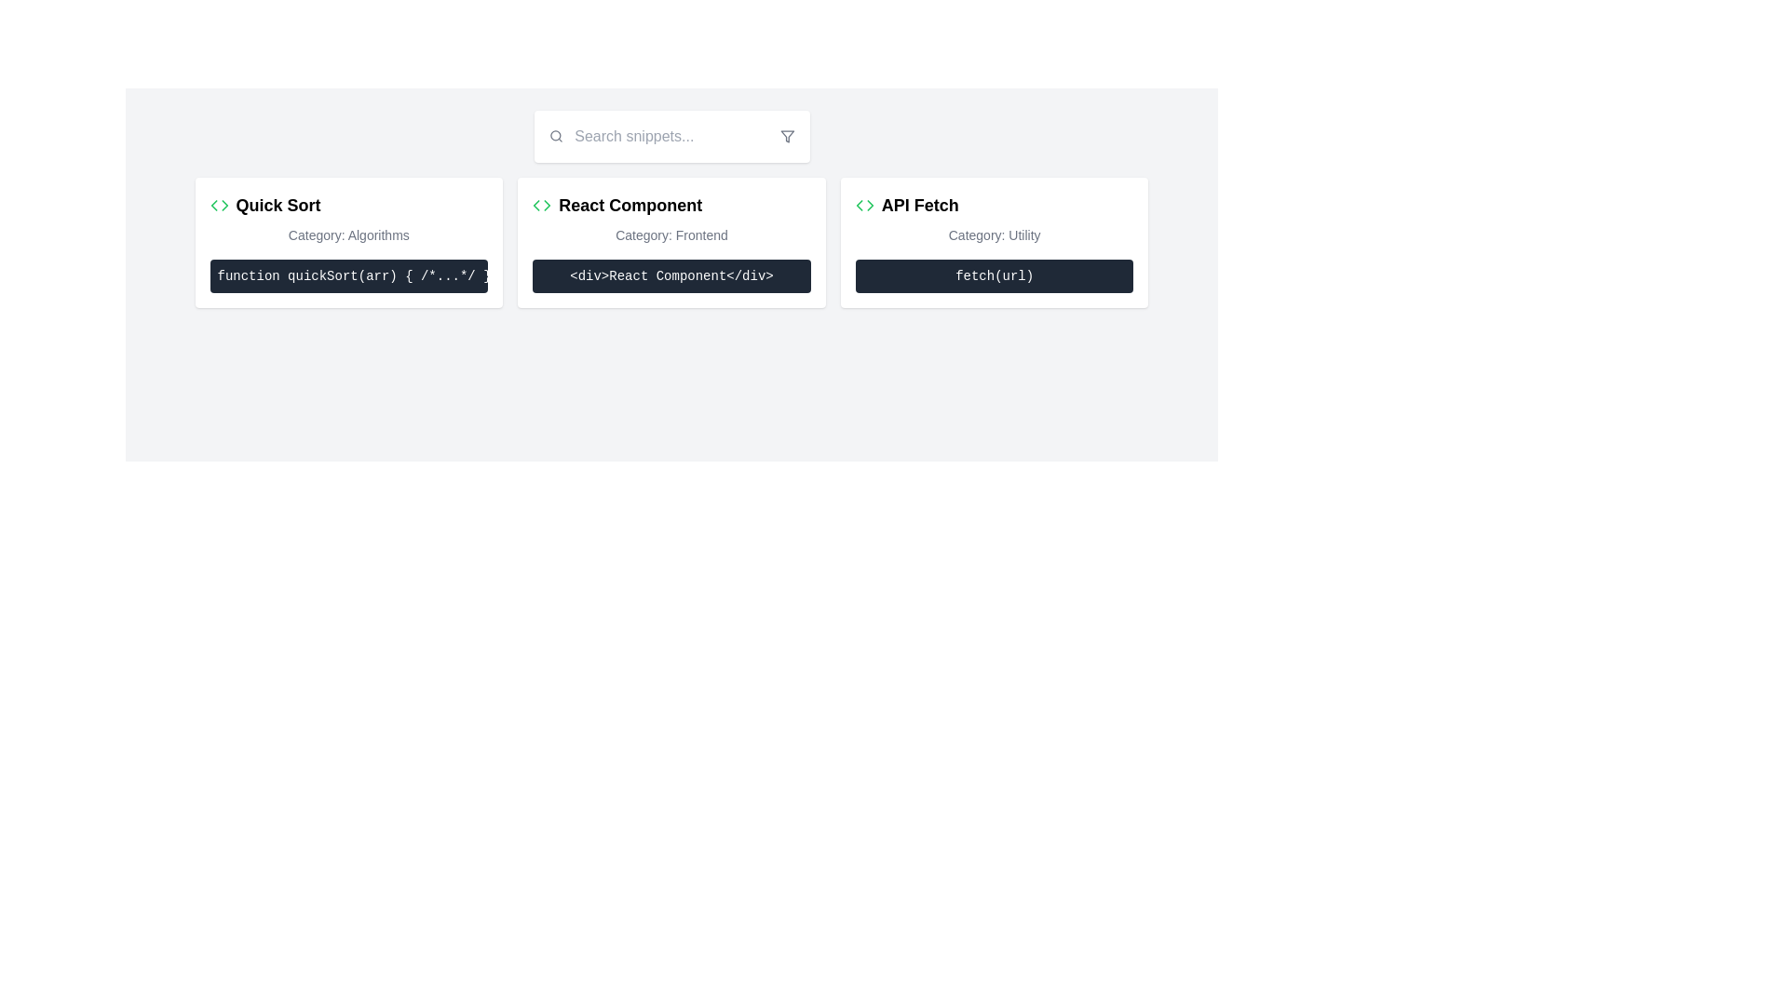 The height and width of the screenshot is (1005, 1788). What do you see at coordinates (994, 276) in the screenshot?
I see `the text-display component styled as a code block that displays the code snippet 'fetch(url)' within the 'API Fetch' card, located beneath the subtitle 'Category: Utility'` at bounding box center [994, 276].